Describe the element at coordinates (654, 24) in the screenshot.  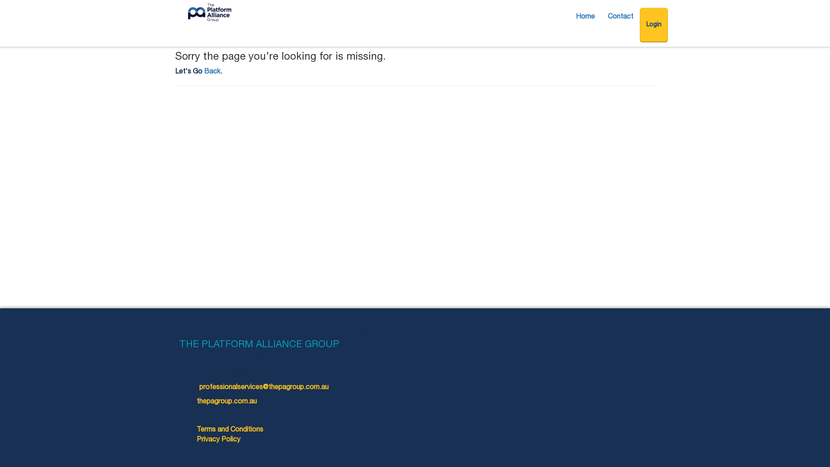
I see `'Login'` at that location.